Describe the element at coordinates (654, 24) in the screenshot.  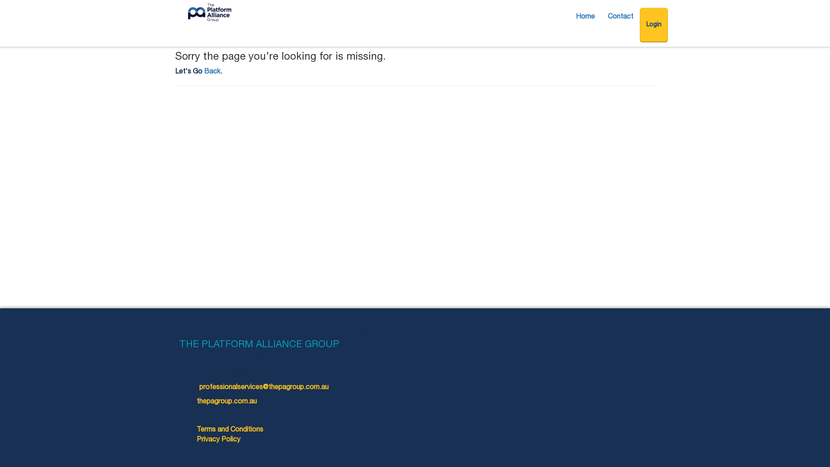
I see `'Login'` at that location.